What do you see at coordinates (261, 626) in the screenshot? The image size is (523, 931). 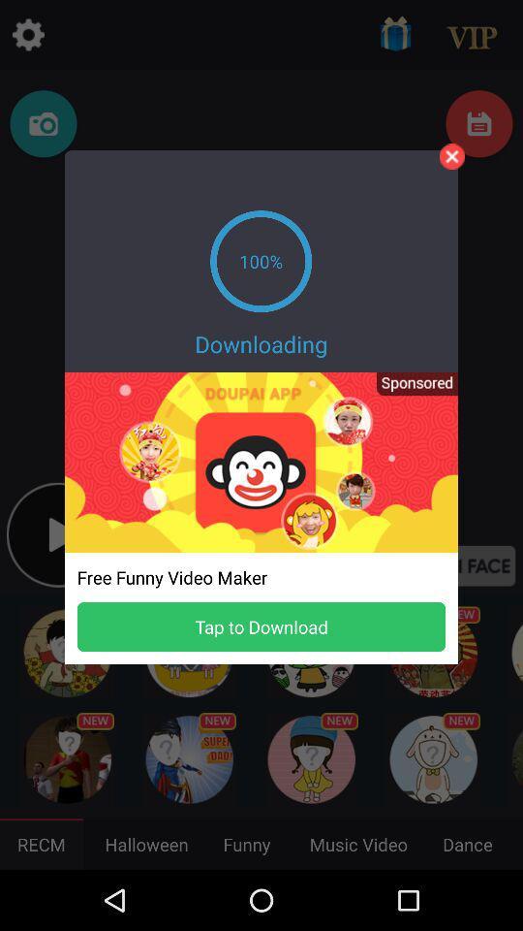 I see `icon below free funny video` at bounding box center [261, 626].